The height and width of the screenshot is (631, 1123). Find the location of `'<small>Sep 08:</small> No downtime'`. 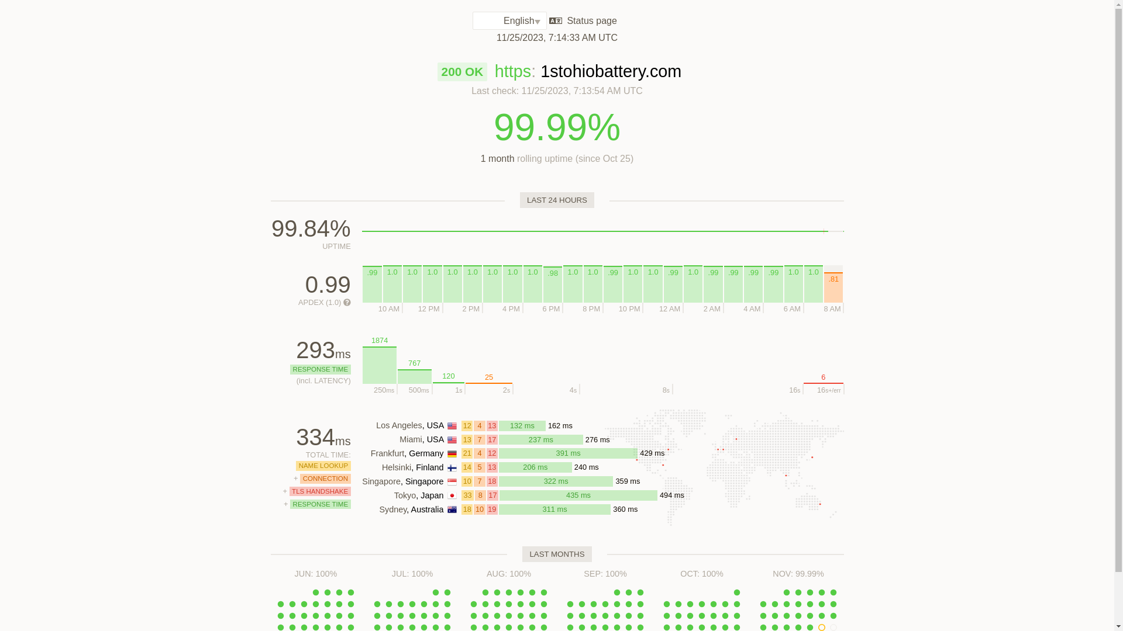

'<small>Sep 08:</small> No downtime' is located at coordinates (616, 604).